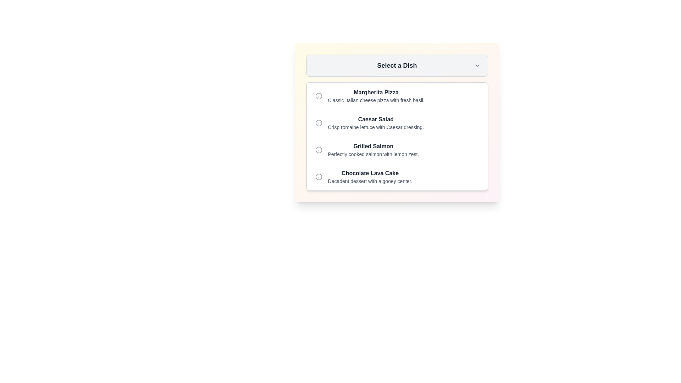  Describe the element at coordinates (397, 150) in the screenshot. I see `the selectable list item labeled 'Grilled Salmon' which is the third item under 'Select a Dish', positioned between 'Caesar Salad' and 'Chocolate Lava Cake'` at that location.